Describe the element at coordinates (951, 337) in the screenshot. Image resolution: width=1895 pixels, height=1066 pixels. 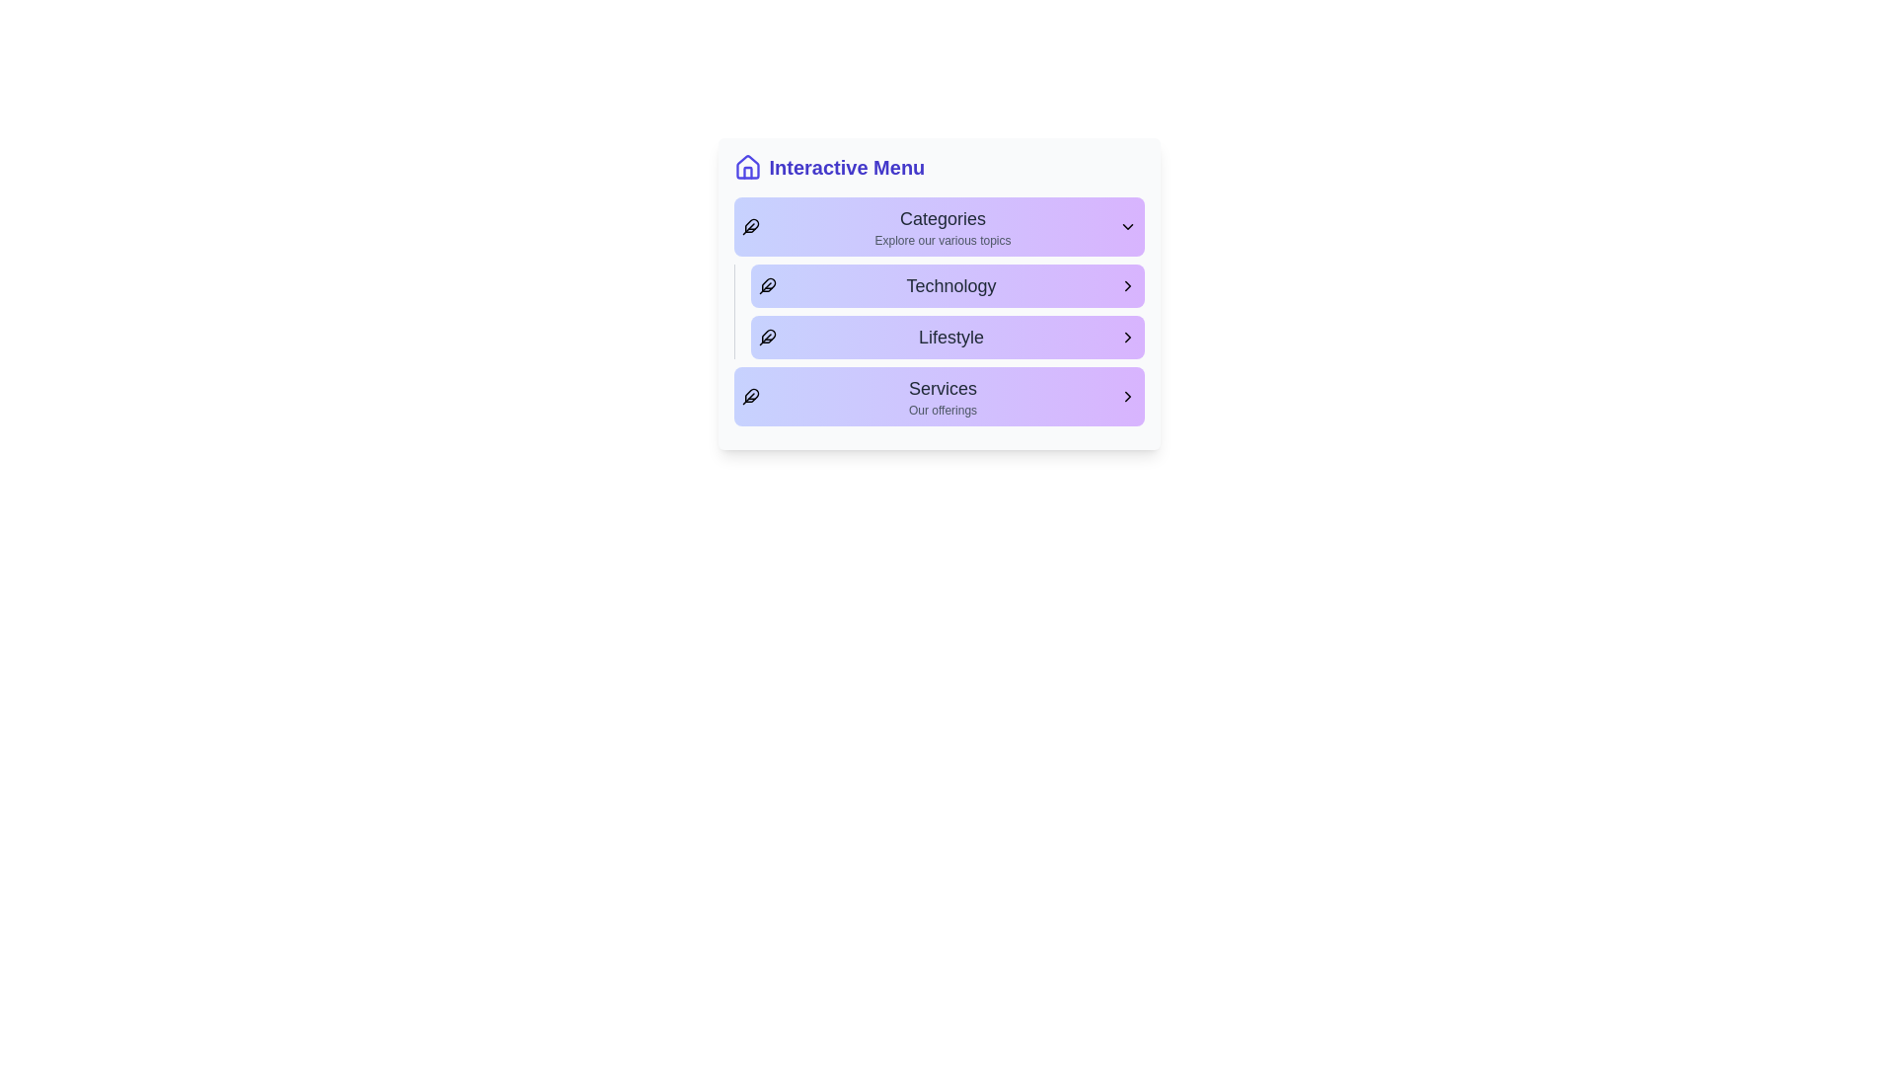
I see `the 'Lifestyle' category text label within the interactive menu` at that location.